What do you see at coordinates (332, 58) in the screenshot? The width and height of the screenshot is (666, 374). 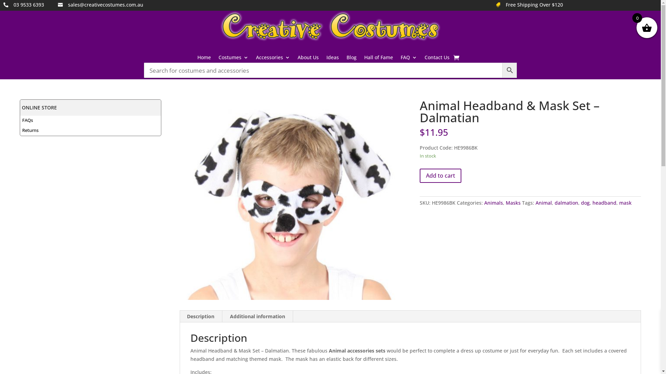 I see `'Ideas'` at bounding box center [332, 58].